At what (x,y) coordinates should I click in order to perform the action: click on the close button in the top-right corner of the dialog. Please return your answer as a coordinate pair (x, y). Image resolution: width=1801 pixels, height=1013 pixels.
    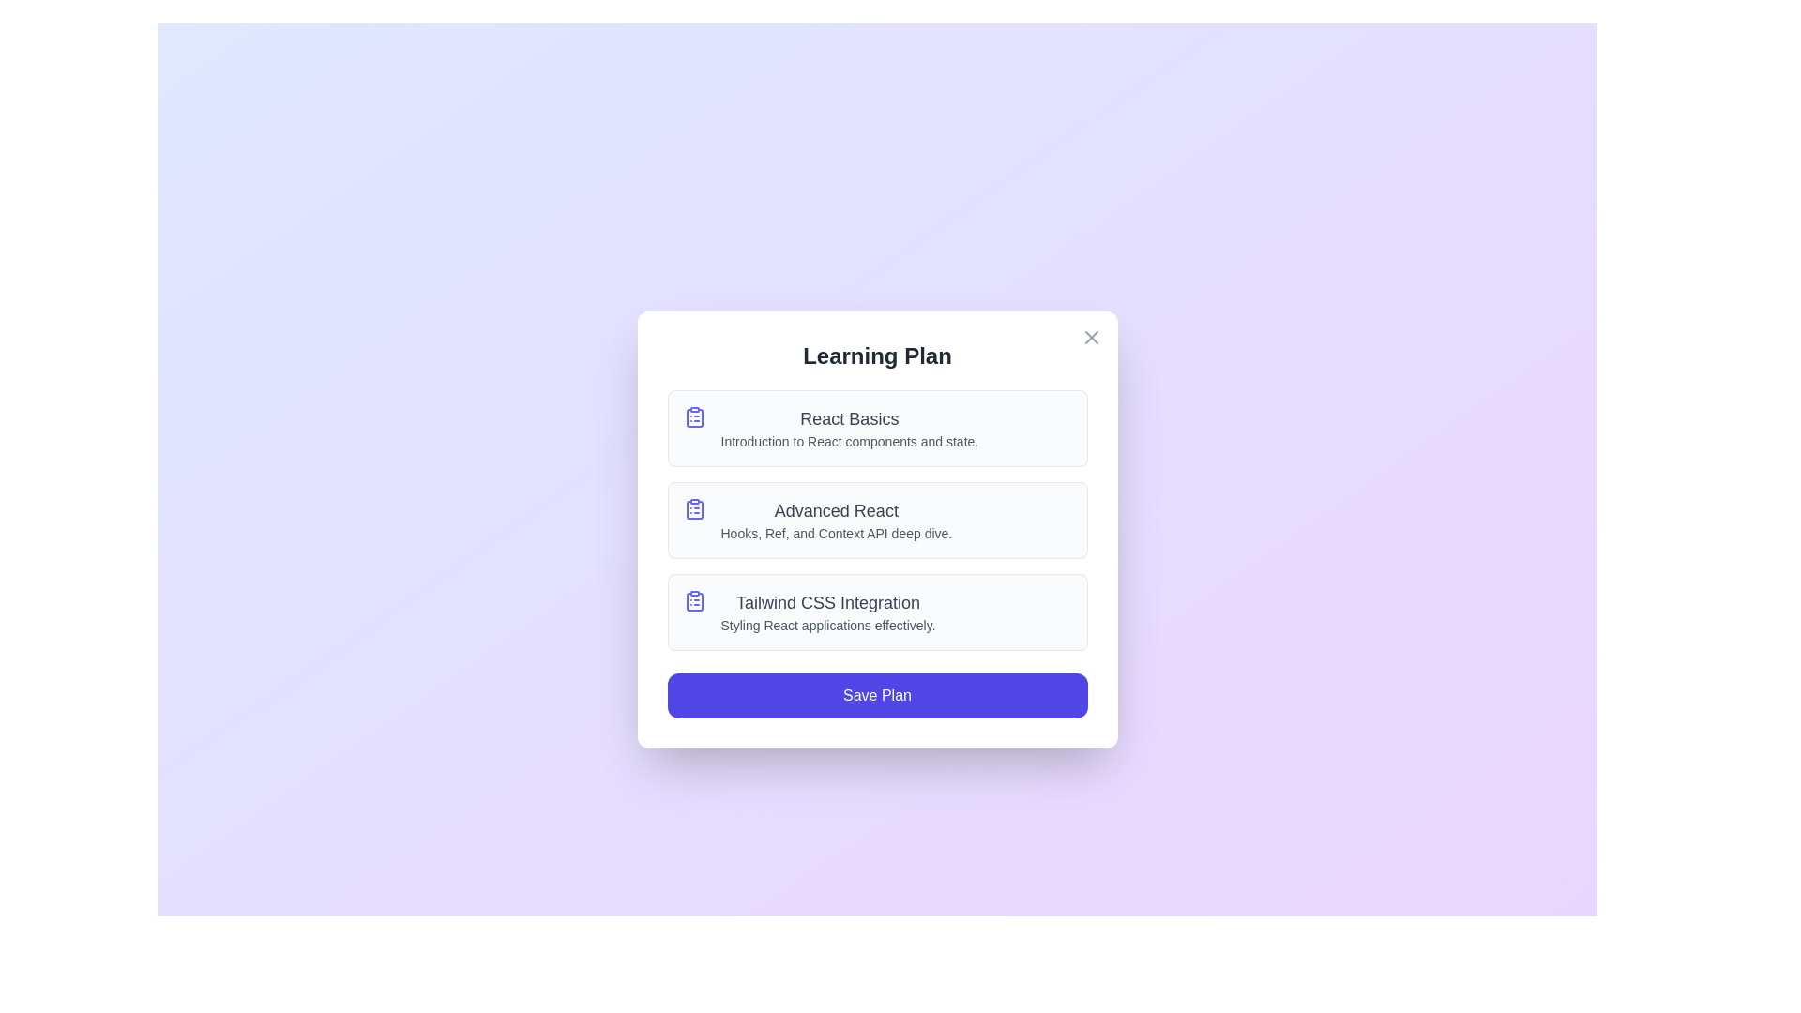
    Looking at the image, I should click on (1091, 336).